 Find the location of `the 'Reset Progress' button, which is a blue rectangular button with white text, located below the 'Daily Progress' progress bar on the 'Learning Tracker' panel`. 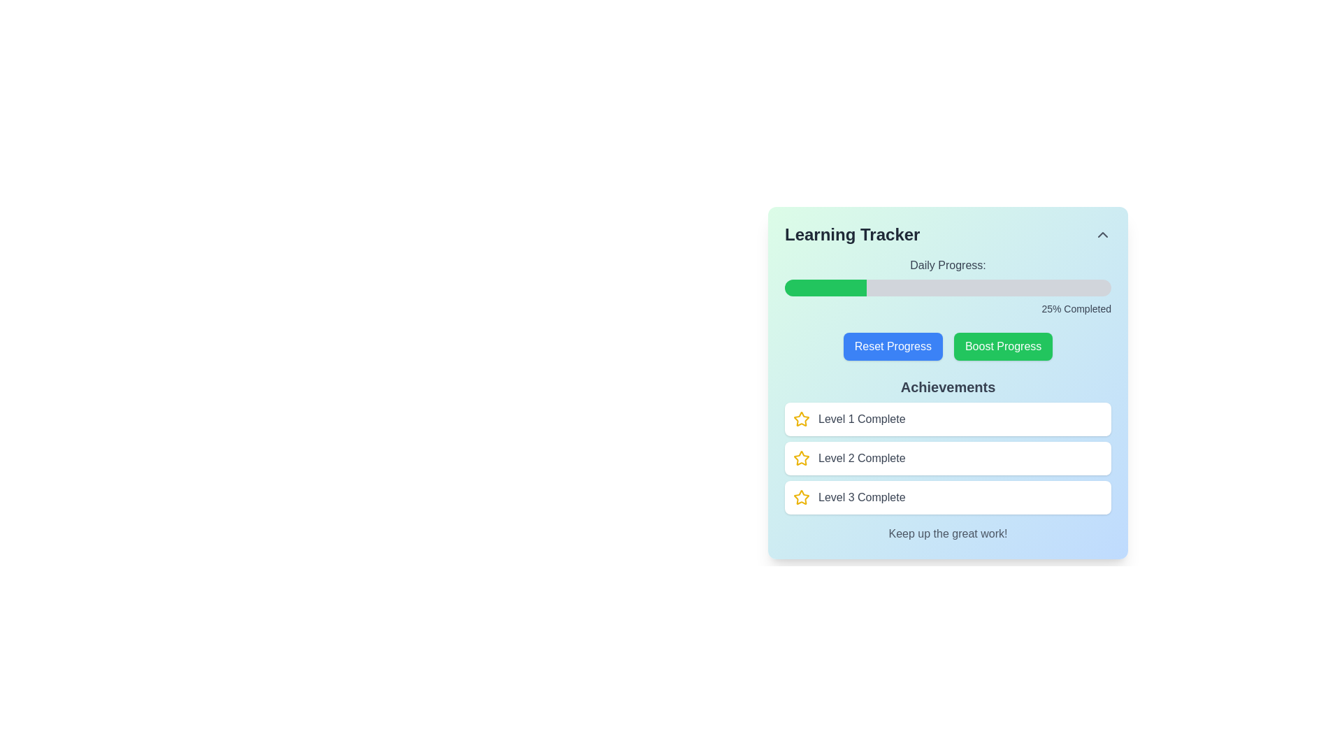

the 'Reset Progress' button, which is a blue rectangular button with white text, located below the 'Daily Progress' progress bar on the 'Learning Tracker' panel is located at coordinates (892, 346).